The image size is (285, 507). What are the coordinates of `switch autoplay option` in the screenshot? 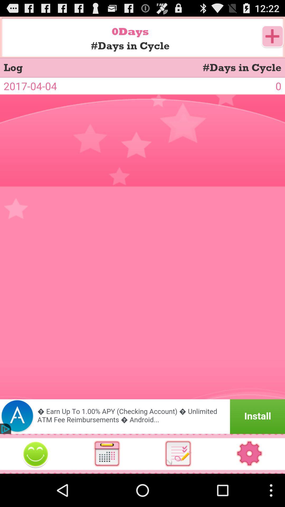 It's located at (249, 453).